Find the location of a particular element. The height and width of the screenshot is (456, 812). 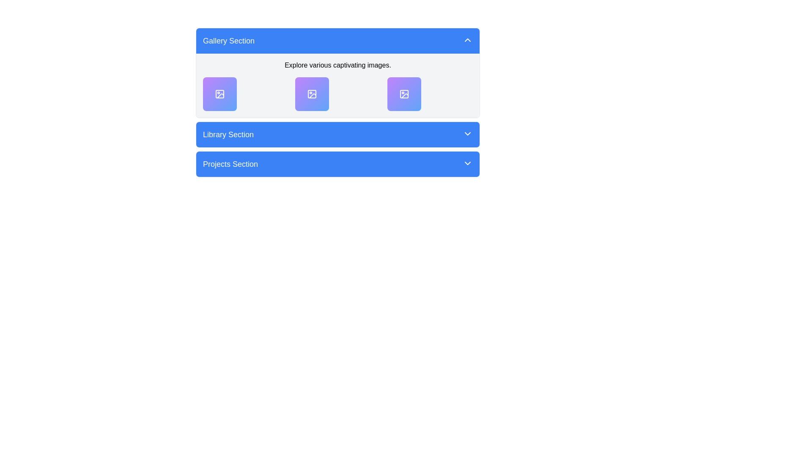

the 'Projects Section' button is located at coordinates (337, 164).